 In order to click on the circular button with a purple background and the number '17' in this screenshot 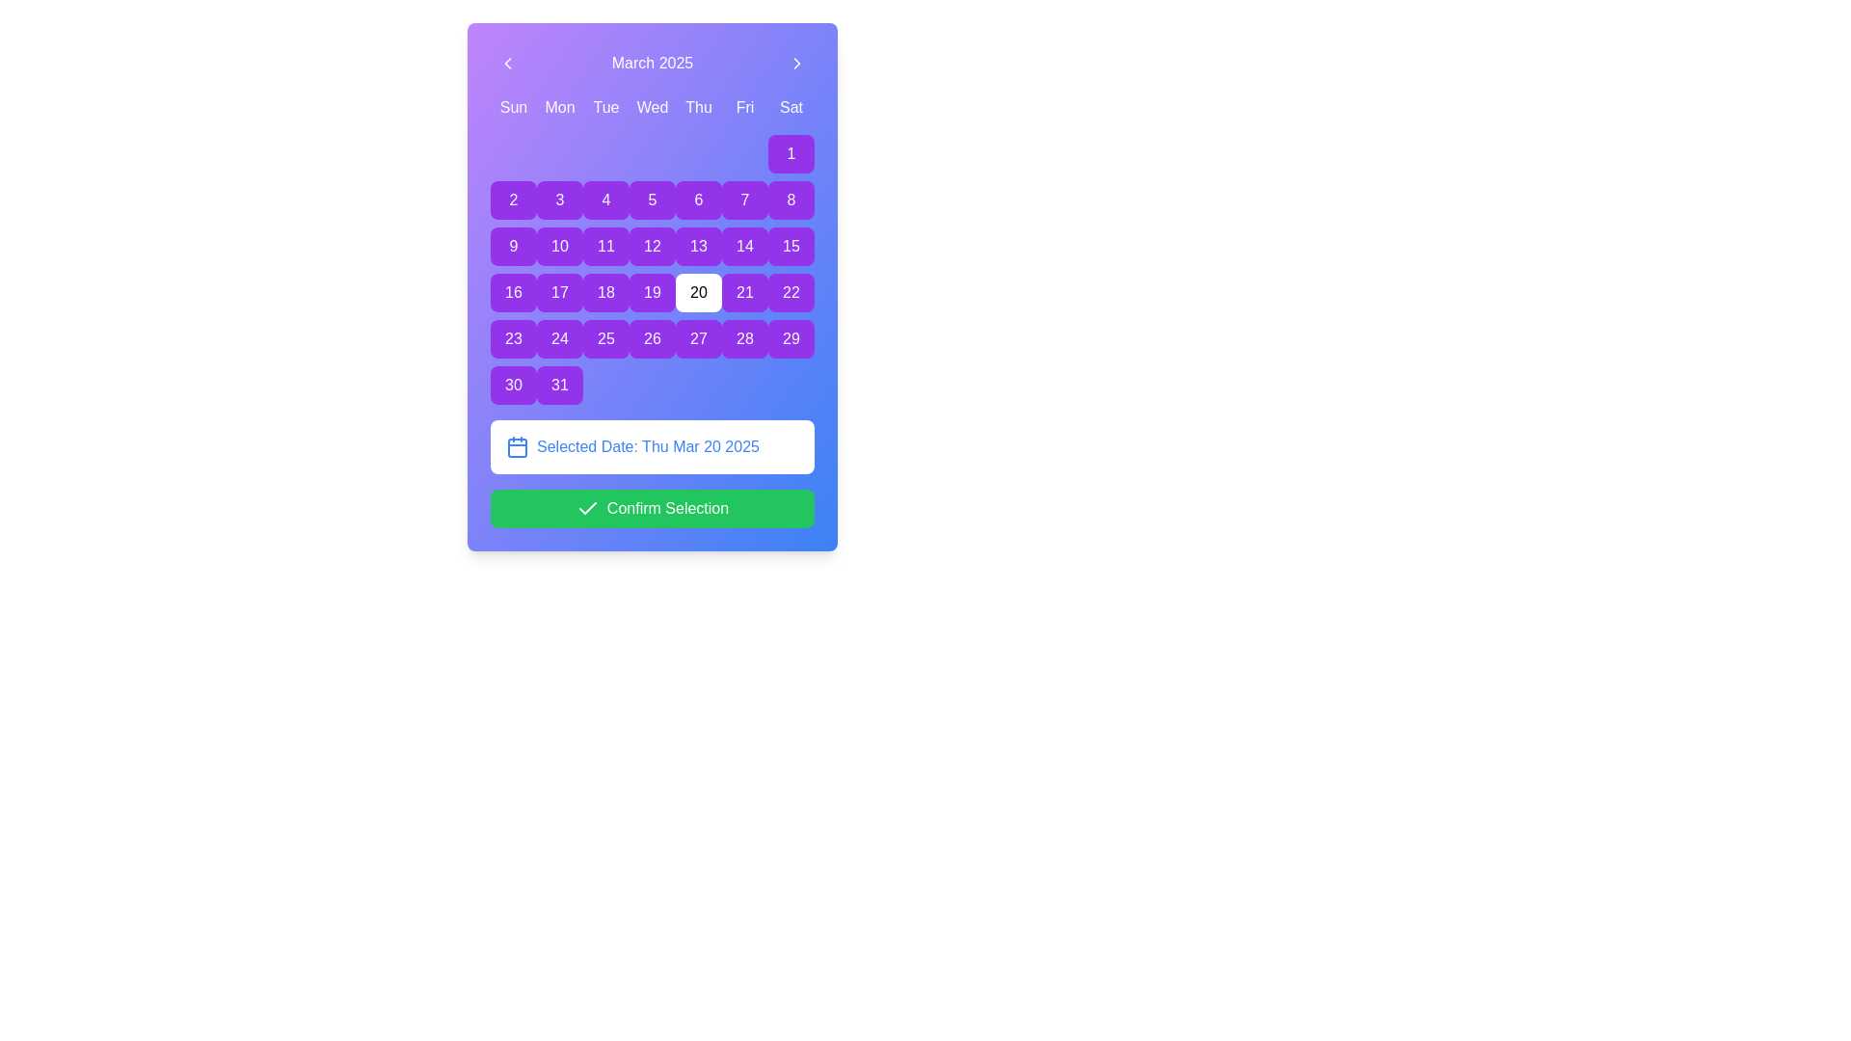, I will do `click(558, 293)`.